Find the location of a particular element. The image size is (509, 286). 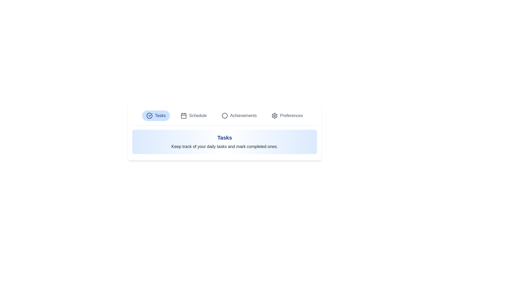

the rectangular shape with rounded corners inside the calendar icon, which is used for date or scheduling-related functions is located at coordinates (184, 116).